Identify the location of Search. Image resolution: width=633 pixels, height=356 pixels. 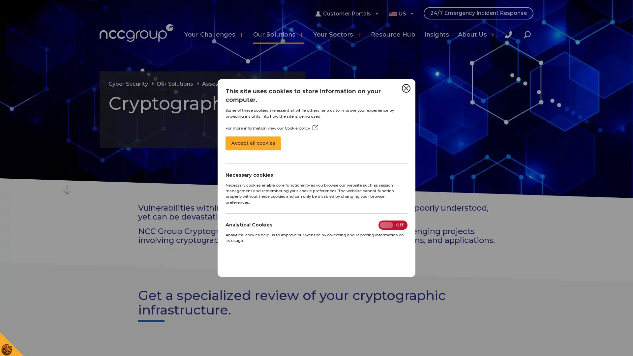
(507, 82).